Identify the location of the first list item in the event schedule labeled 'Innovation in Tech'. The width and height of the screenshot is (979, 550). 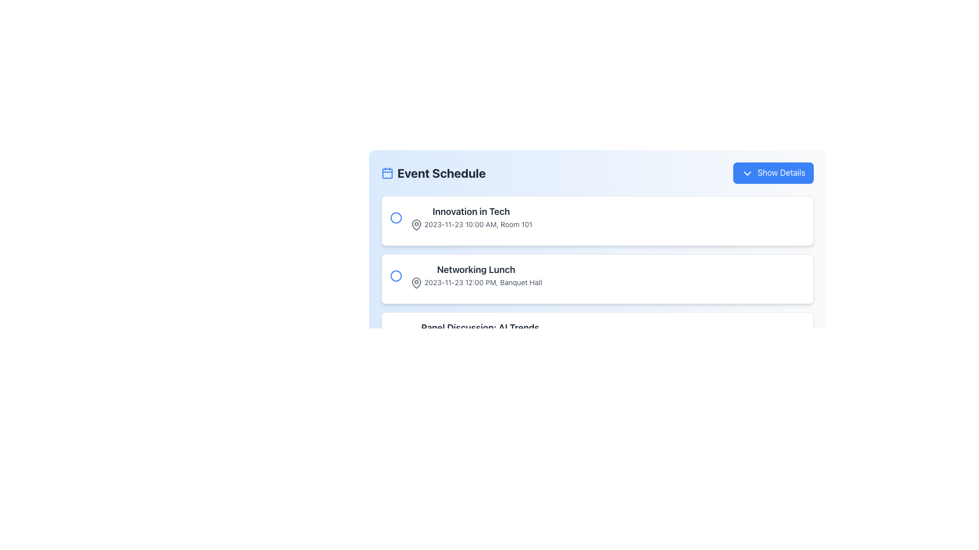
(597, 217).